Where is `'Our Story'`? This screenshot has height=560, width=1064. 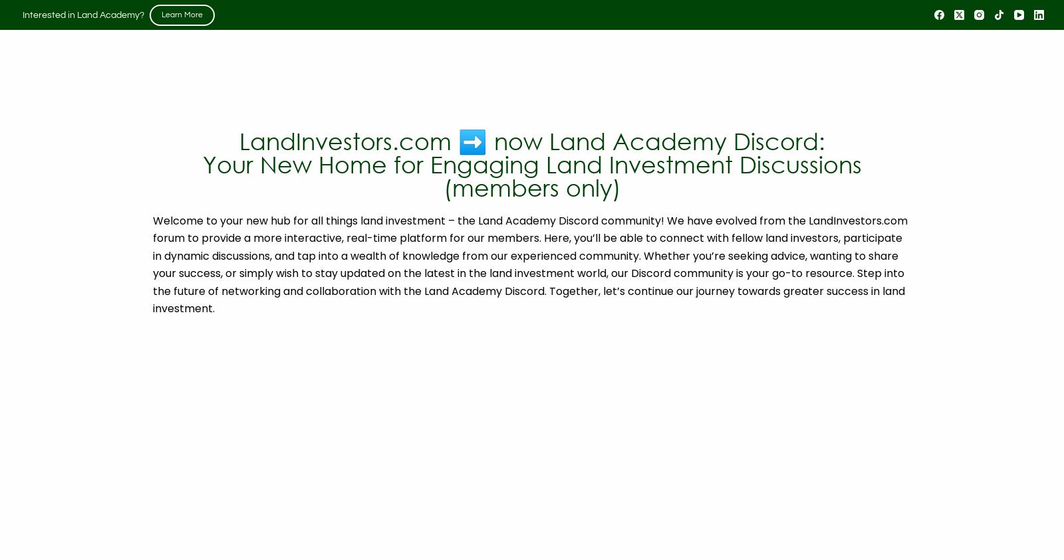
'Our Story' is located at coordinates (292, 93).